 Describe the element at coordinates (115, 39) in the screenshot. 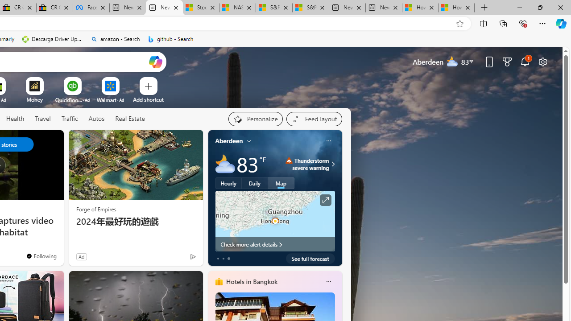

I see `'amazon - Search'` at that location.